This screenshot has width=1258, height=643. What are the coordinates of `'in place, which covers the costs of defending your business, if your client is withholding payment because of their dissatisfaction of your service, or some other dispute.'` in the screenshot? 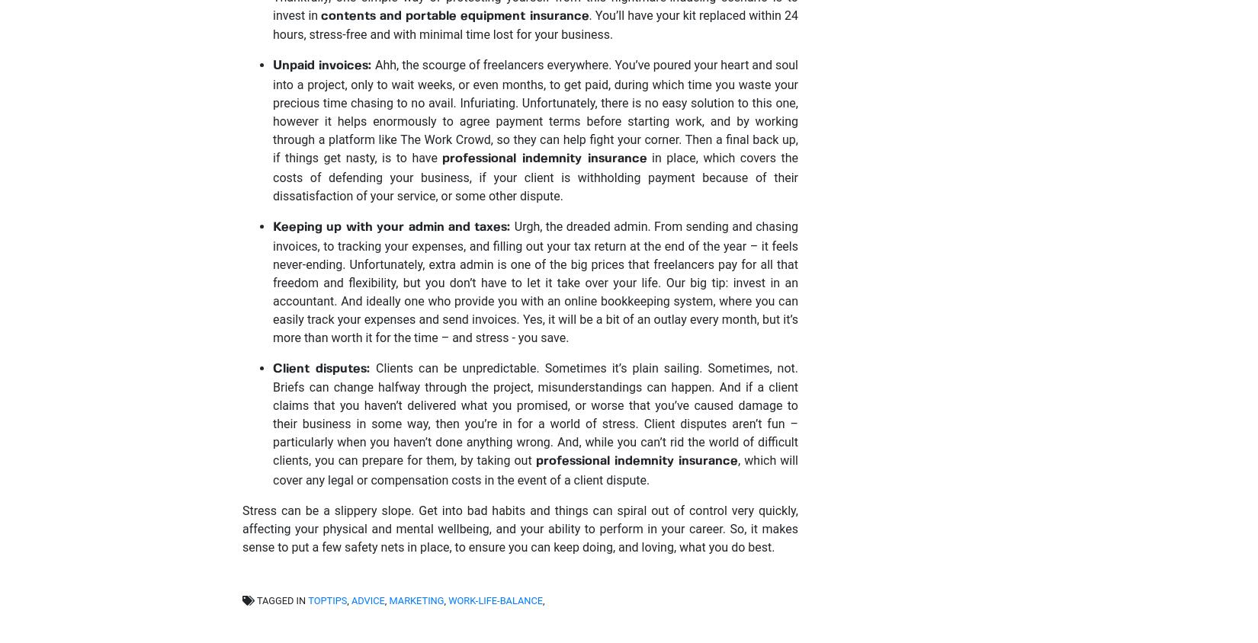 It's located at (534, 176).